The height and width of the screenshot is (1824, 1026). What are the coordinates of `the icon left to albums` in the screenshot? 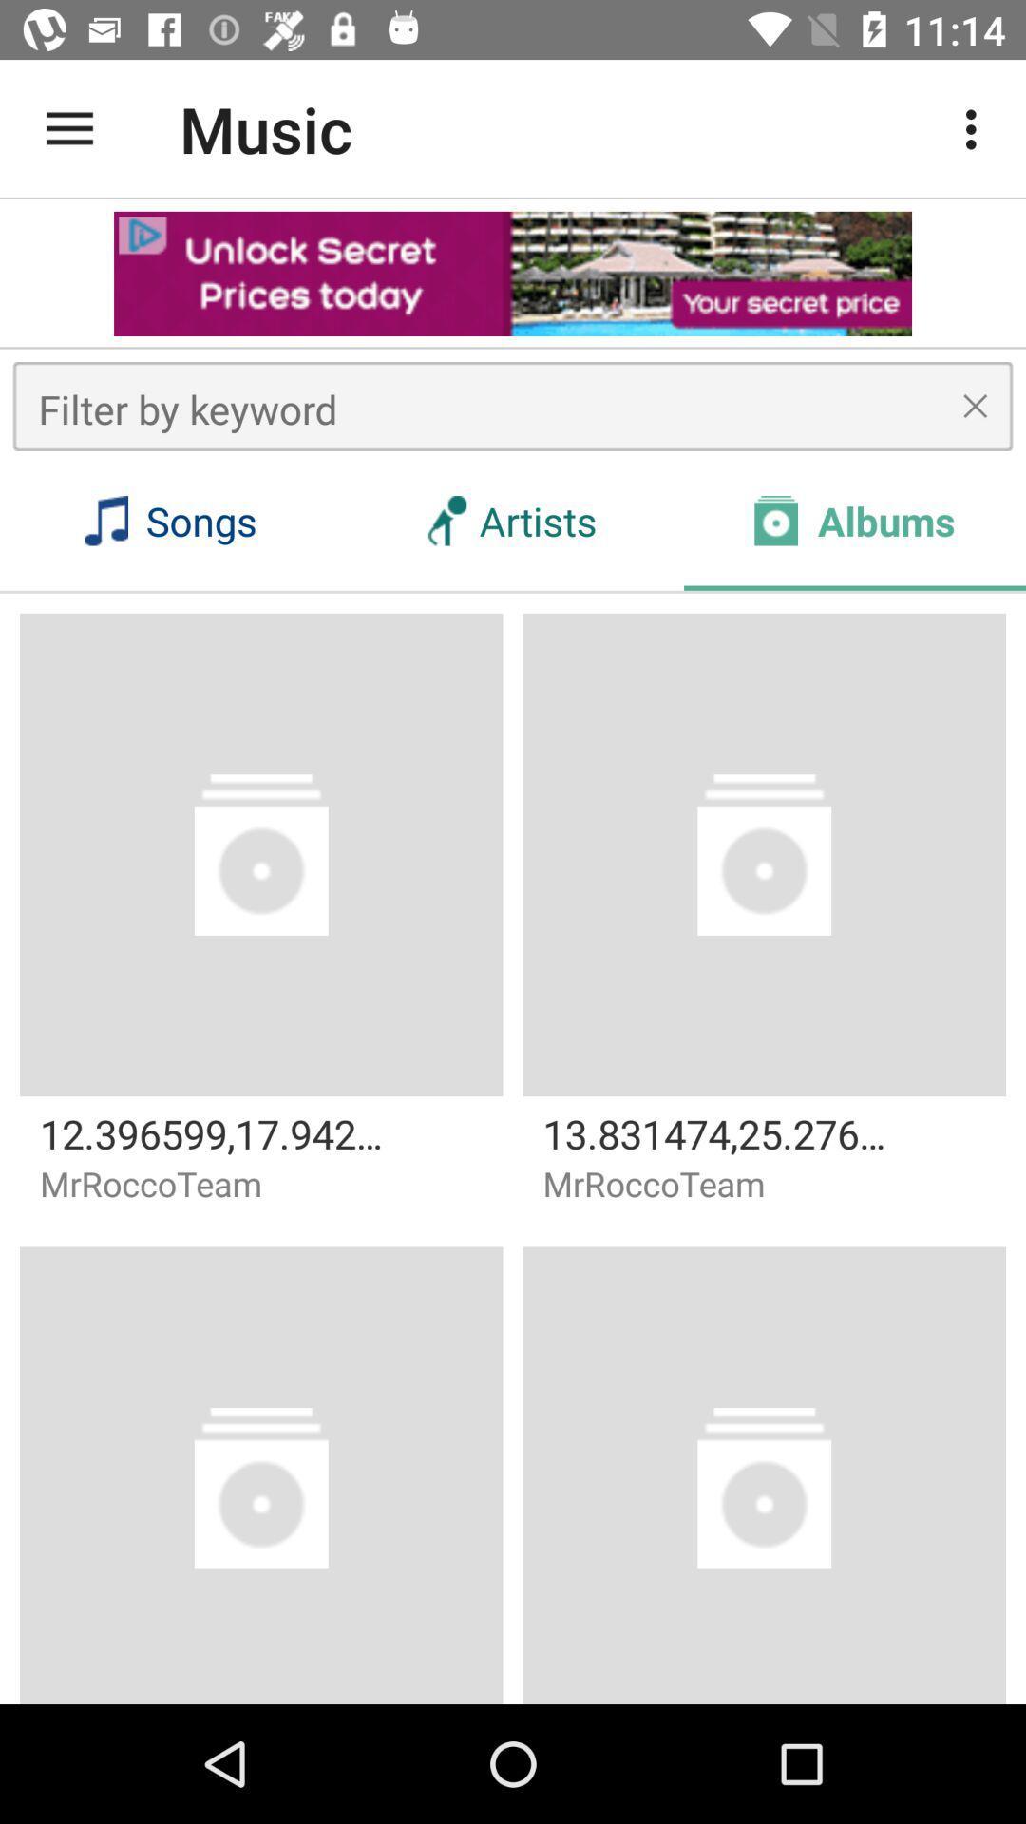 It's located at (776, 521).